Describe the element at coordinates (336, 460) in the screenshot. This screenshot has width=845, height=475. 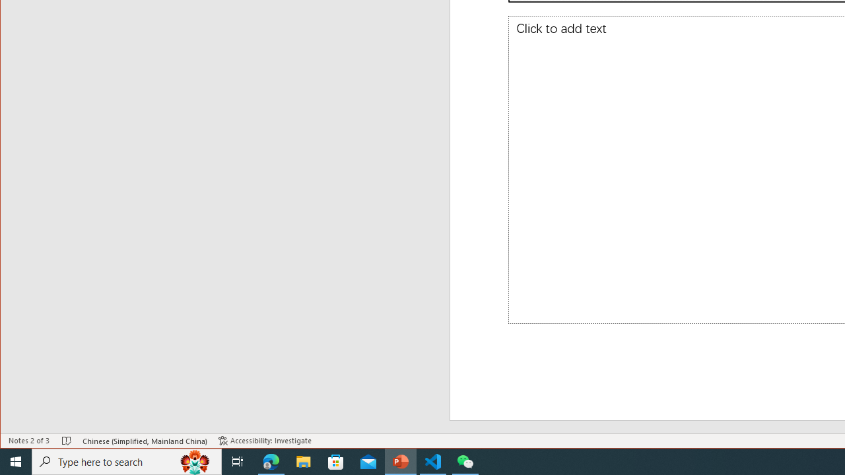
I see `'Microsoft Store'` at that location.